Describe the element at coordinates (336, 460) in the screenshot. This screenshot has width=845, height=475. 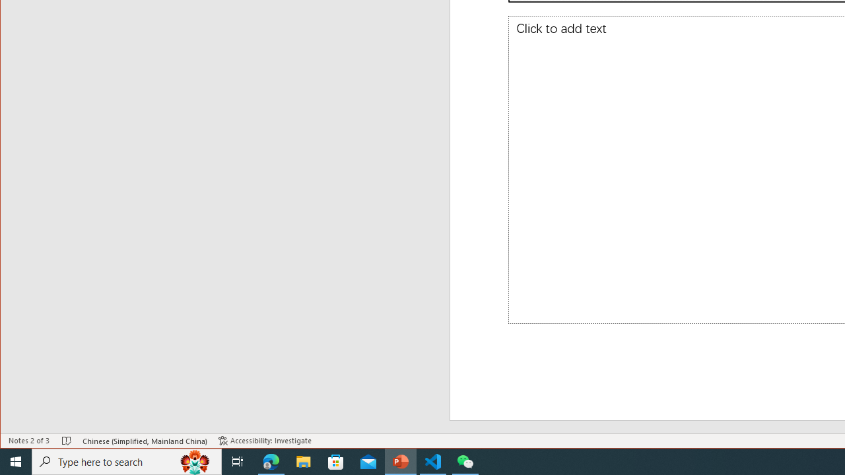
I see `'Microsoft Store'` at that location.